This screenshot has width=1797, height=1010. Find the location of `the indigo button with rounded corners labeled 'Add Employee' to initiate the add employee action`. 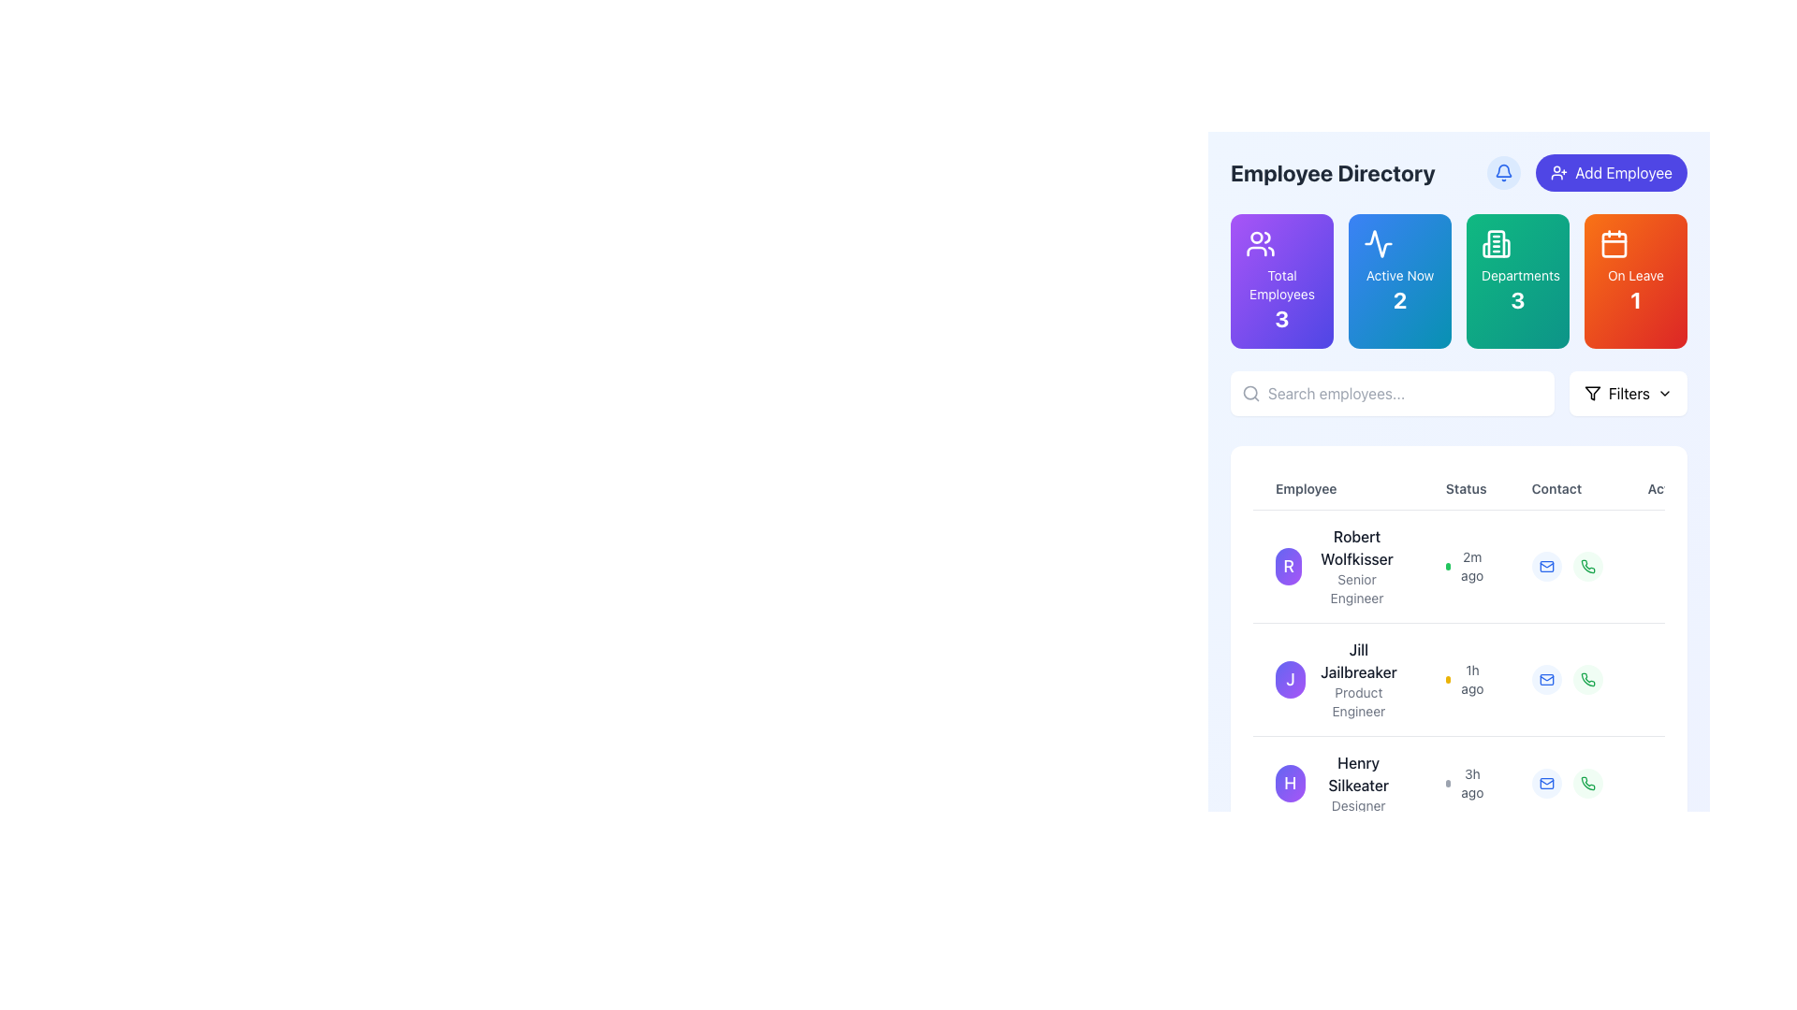

the indigo button with rounded corners labeled 'Add Employee' to initiate the add employee action is located at coordinates (1611, 173).